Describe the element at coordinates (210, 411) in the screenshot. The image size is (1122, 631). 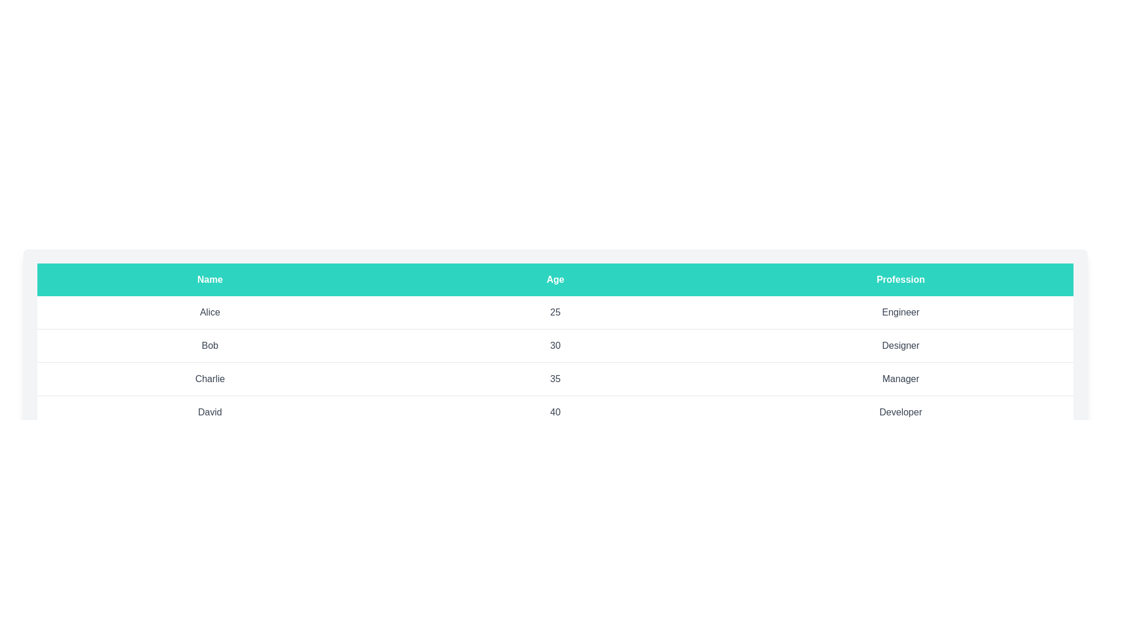
I see `the text element displaying the word 'David', which is located in the leftmost column of the last row of a table, aligned with the texts '40' and 'Developer'` at that location.